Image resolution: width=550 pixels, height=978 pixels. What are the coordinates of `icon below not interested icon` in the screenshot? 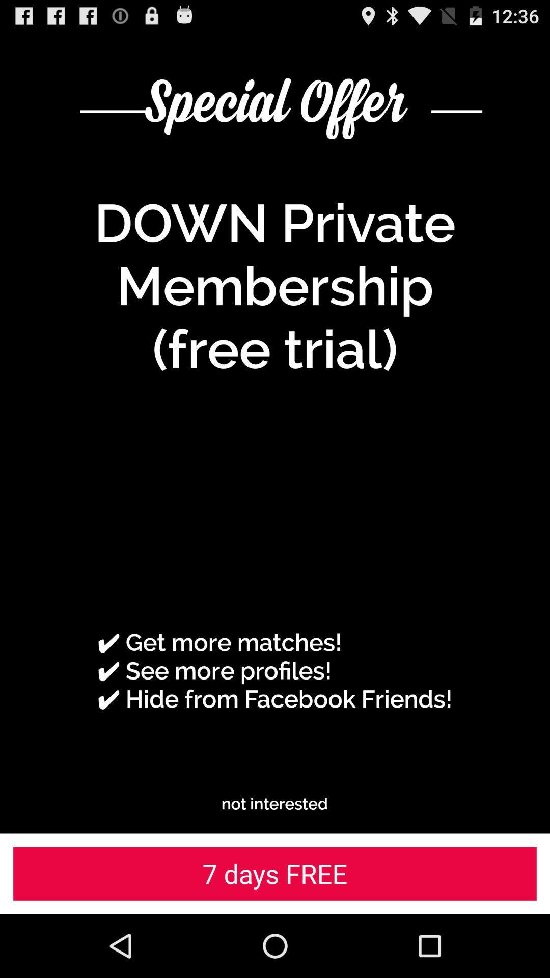 It's located at (275, 873).